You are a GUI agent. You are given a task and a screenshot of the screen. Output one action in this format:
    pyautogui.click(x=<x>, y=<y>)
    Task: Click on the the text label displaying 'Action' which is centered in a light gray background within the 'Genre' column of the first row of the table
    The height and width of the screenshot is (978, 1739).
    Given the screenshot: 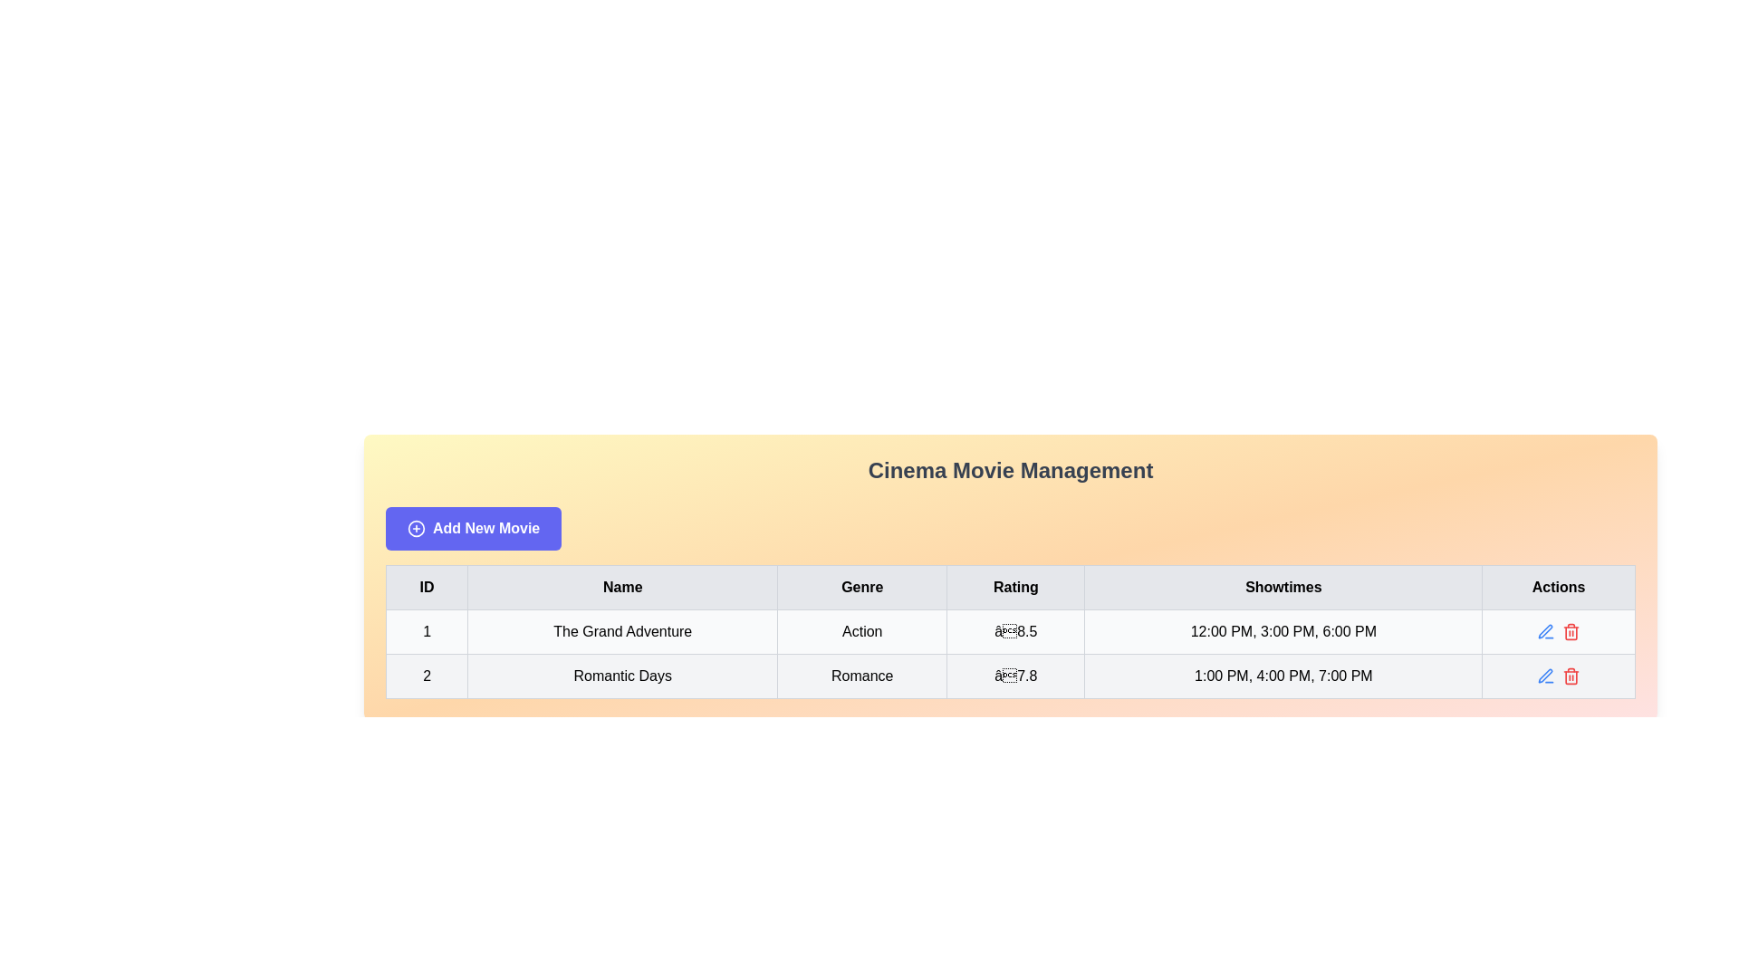 What is the action you would take?
    pyautogui.click(x=861, y=631)
    